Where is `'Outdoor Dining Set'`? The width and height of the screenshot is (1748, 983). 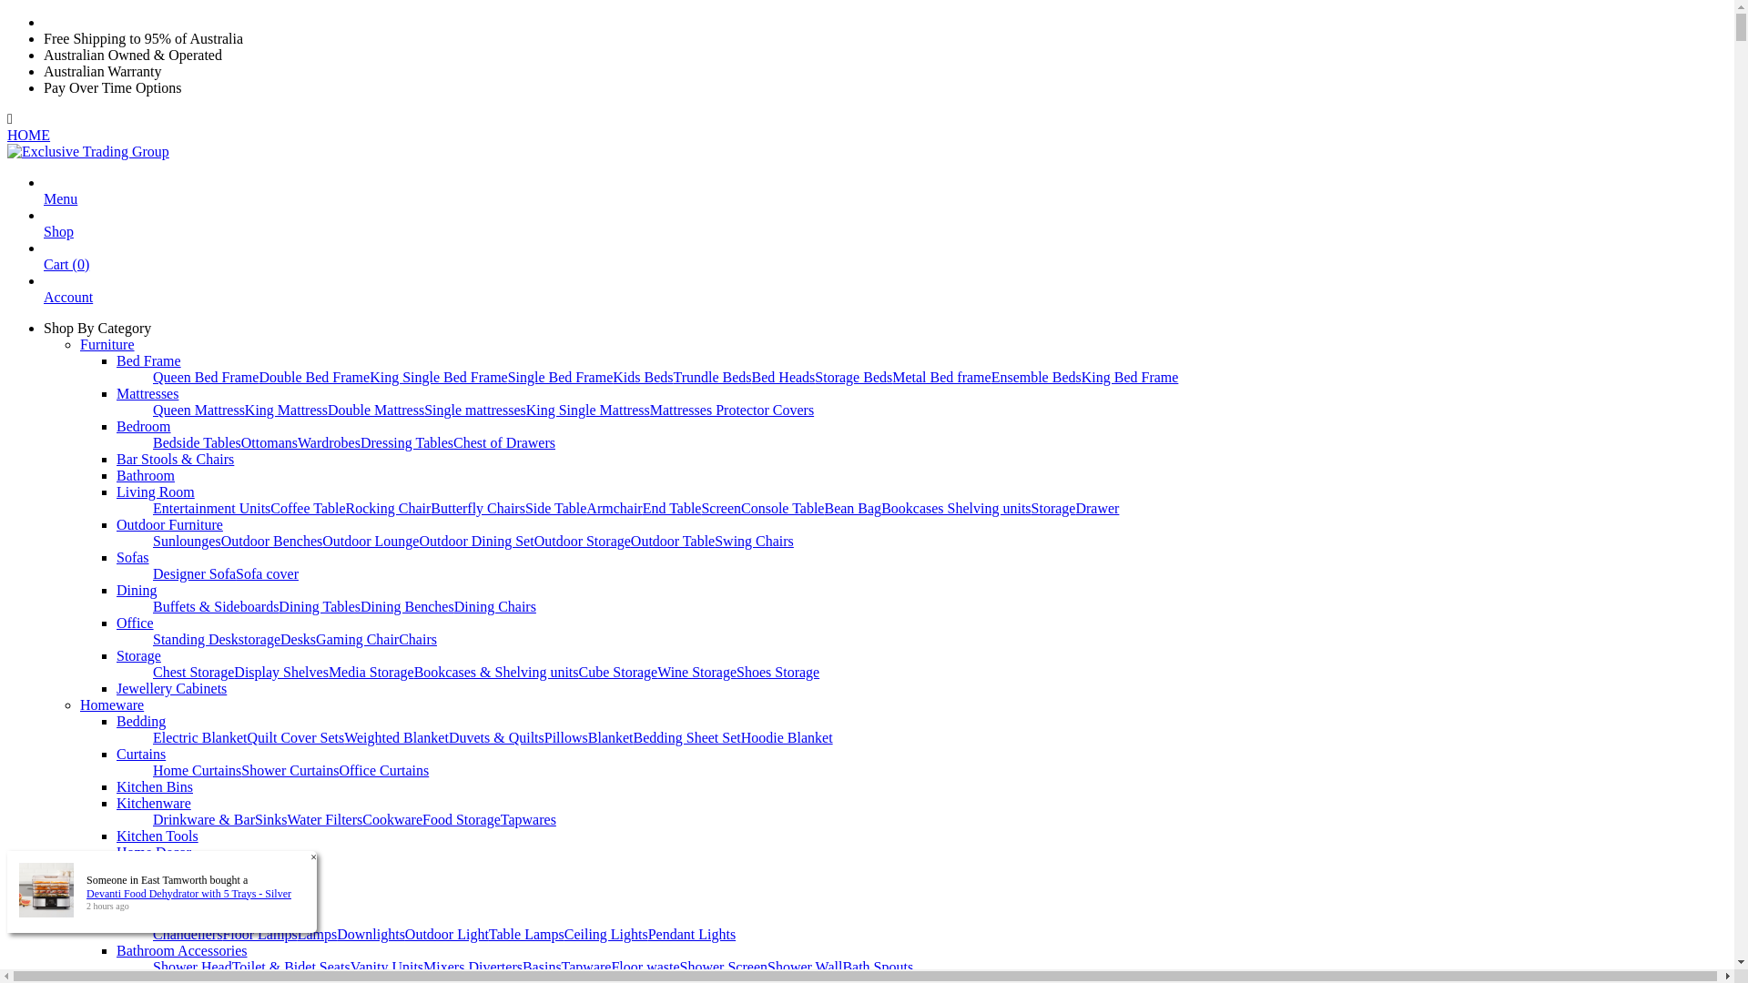
'Outdoor Dining Set' is located at coordinates (476, 540).